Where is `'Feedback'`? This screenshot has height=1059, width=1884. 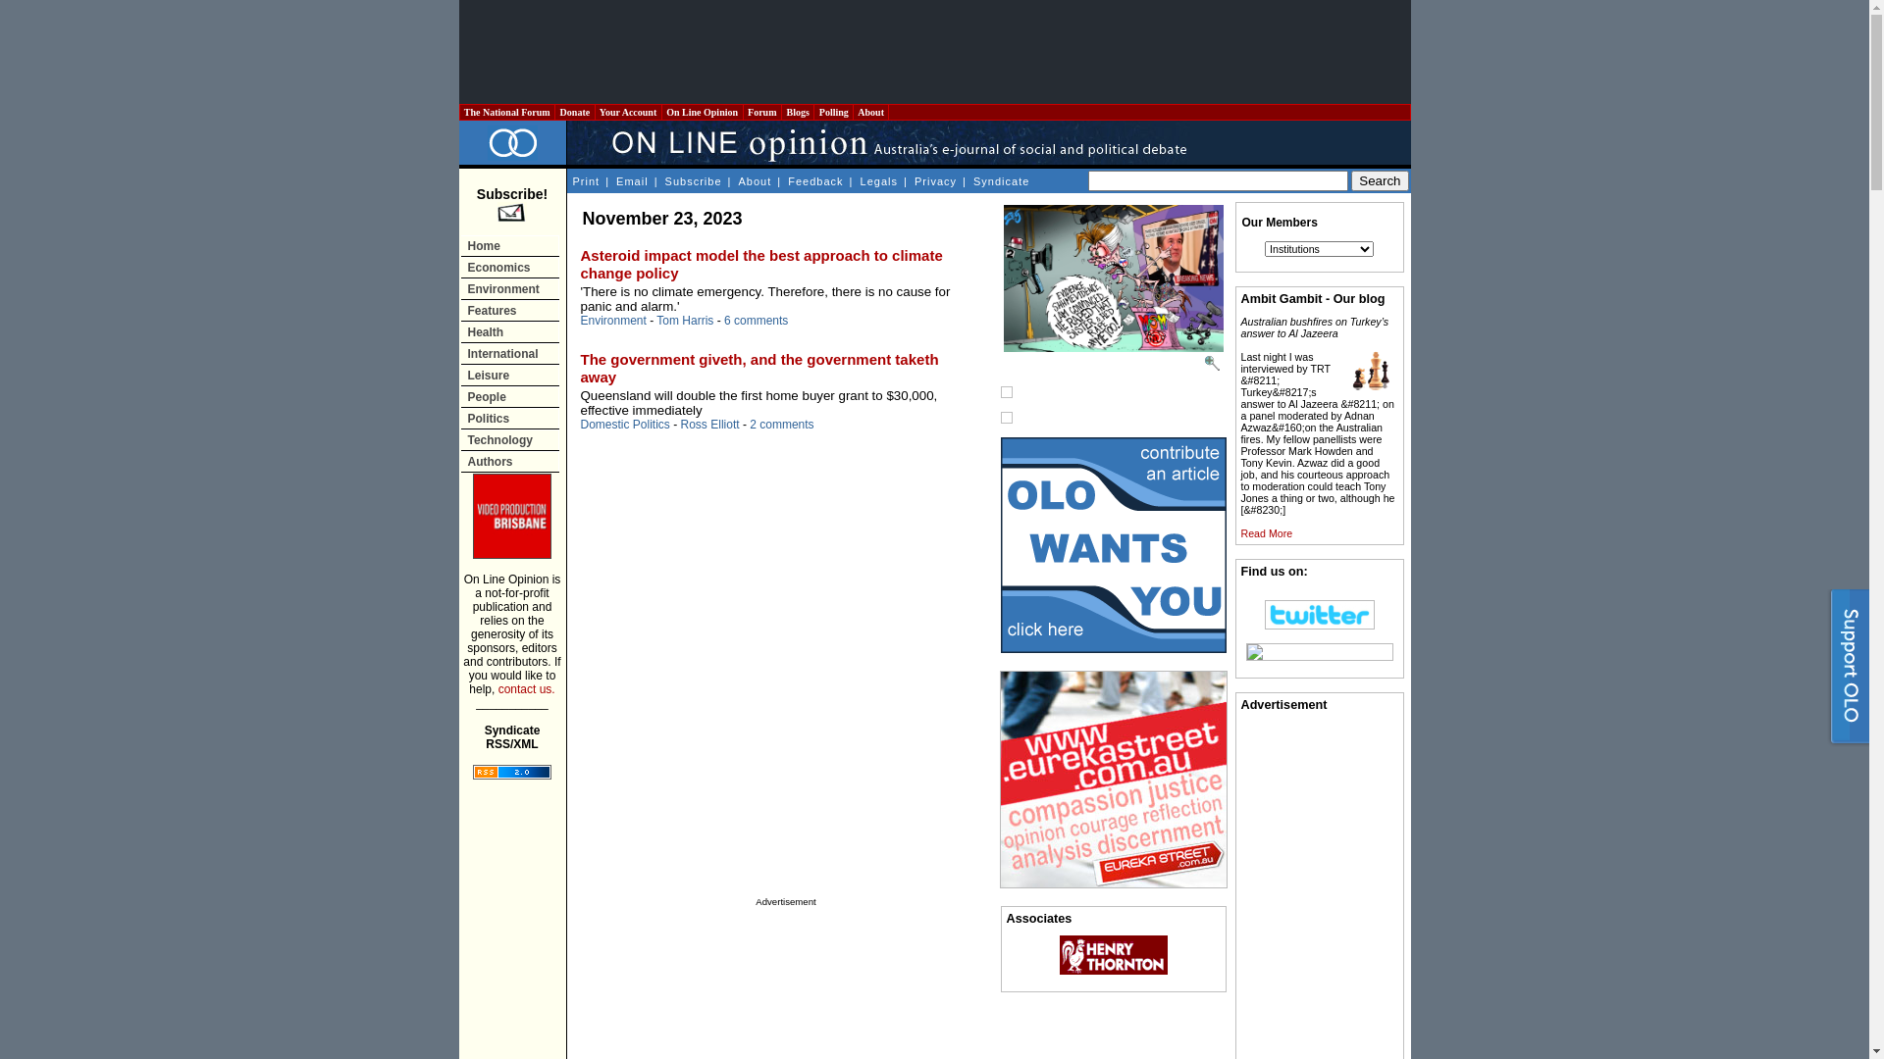 'Feedback' is located at coordinates (785, 180).